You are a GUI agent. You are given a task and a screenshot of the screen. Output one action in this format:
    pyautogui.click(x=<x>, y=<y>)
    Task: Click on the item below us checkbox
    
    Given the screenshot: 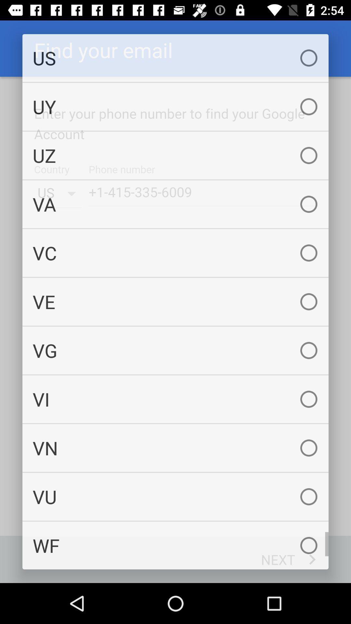 What is the action you would take?
    pyautogui.click(x=175, y=107)
    